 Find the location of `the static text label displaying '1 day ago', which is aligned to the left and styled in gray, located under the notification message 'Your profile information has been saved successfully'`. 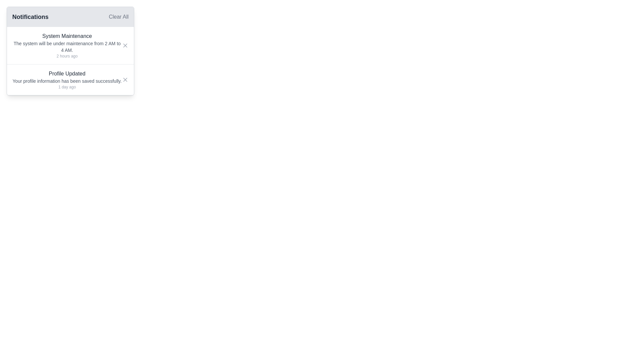

the static text label displaying '1 day ago', which is aligned to the left and styled in gray, located under the notification message 'Your profile information has been saved successfully' is located at coordinates (67, 87).